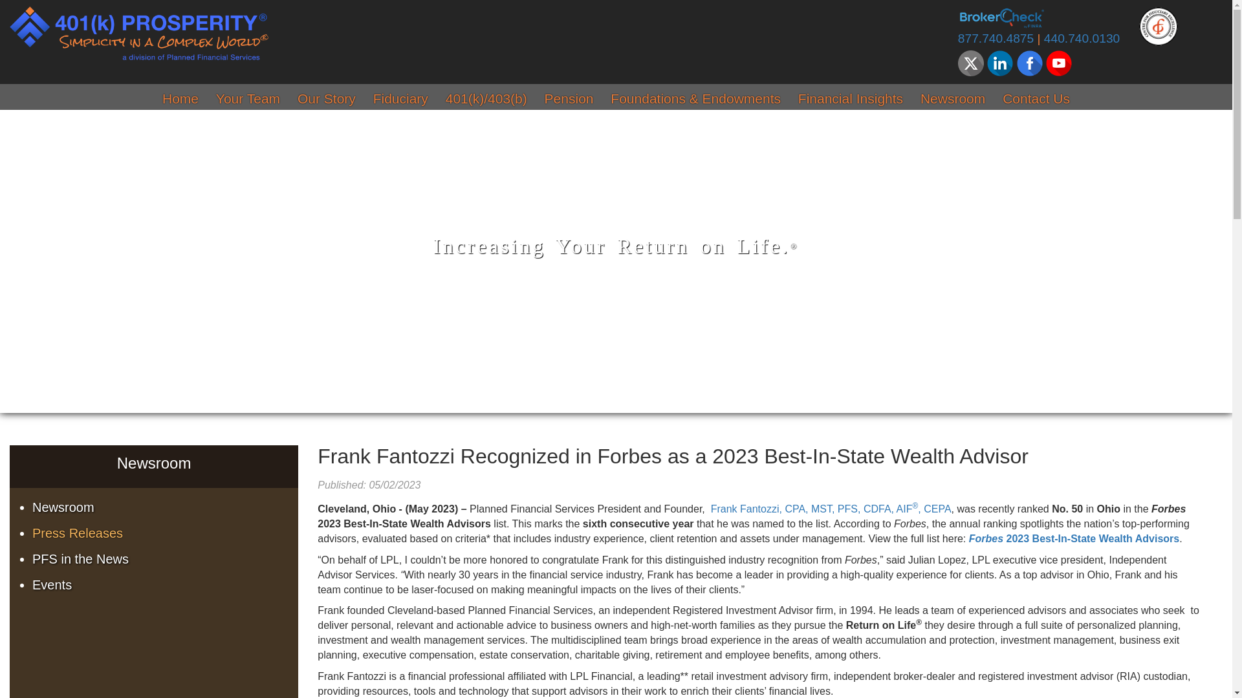  I want to click on 'Financial Insights', so click(851, 100).